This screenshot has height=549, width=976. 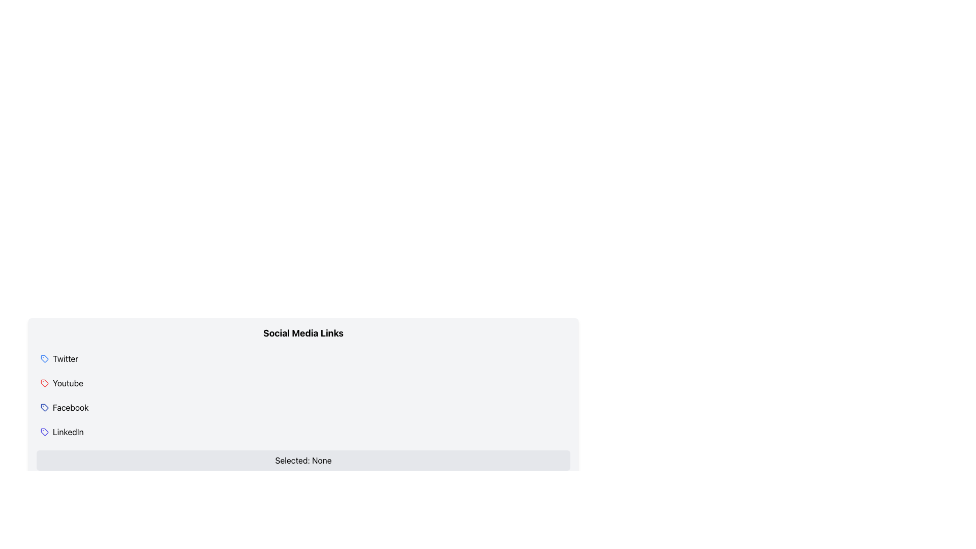 I want to click on the LinkedIn text label, which is the fourth item in a vertical list of social media links, positioned below the Facebook item and above an empty selection indicator, so click(x=68, y=432).